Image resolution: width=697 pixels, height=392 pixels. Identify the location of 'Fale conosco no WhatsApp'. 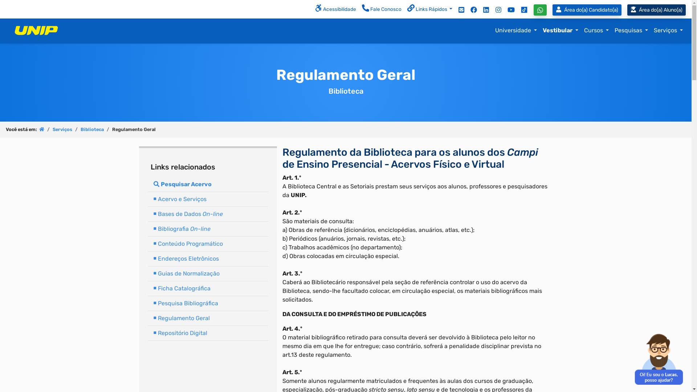
(540, 10).